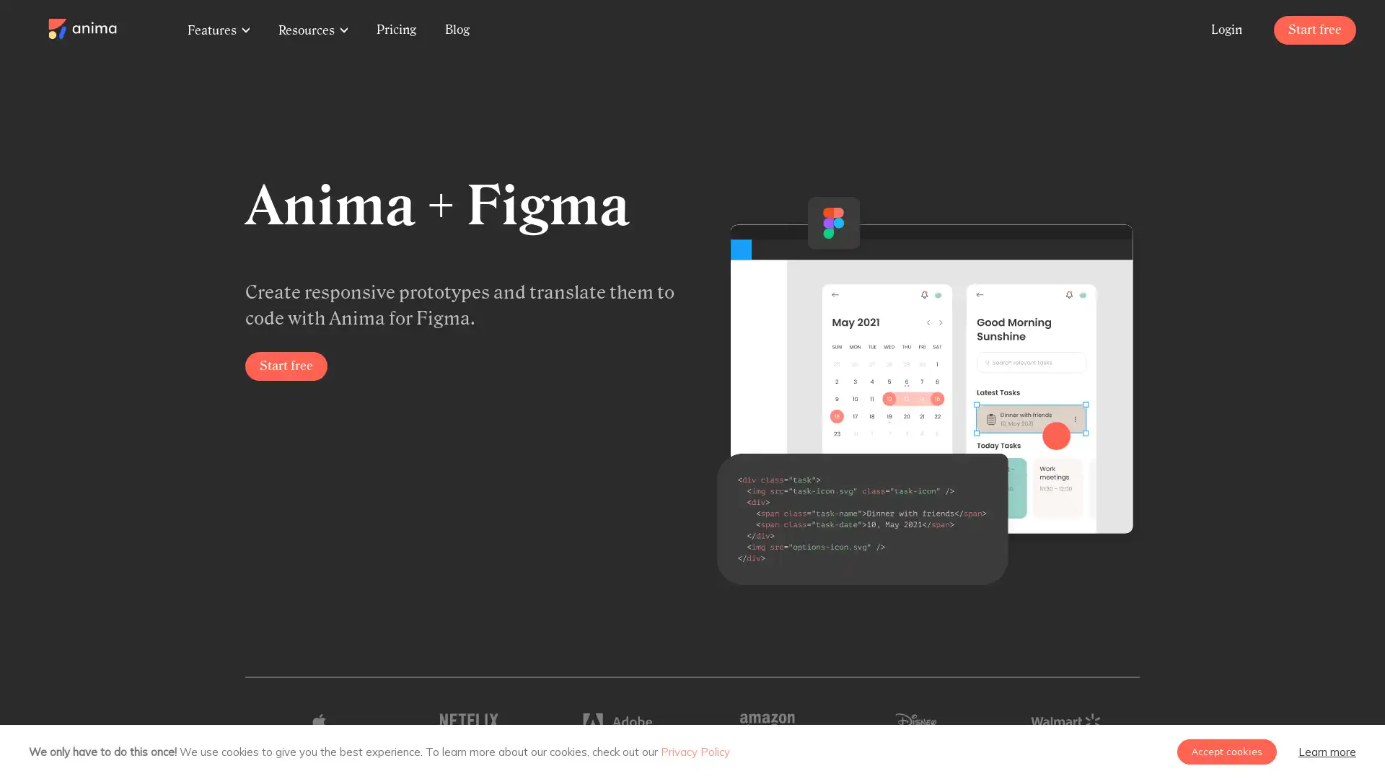 Image resolution: width=1385 pixels, height=779 pixels. What do you see at coordinates (312, 30) in the screenshot?
I see `Resources` at bounding box center [312, 30].